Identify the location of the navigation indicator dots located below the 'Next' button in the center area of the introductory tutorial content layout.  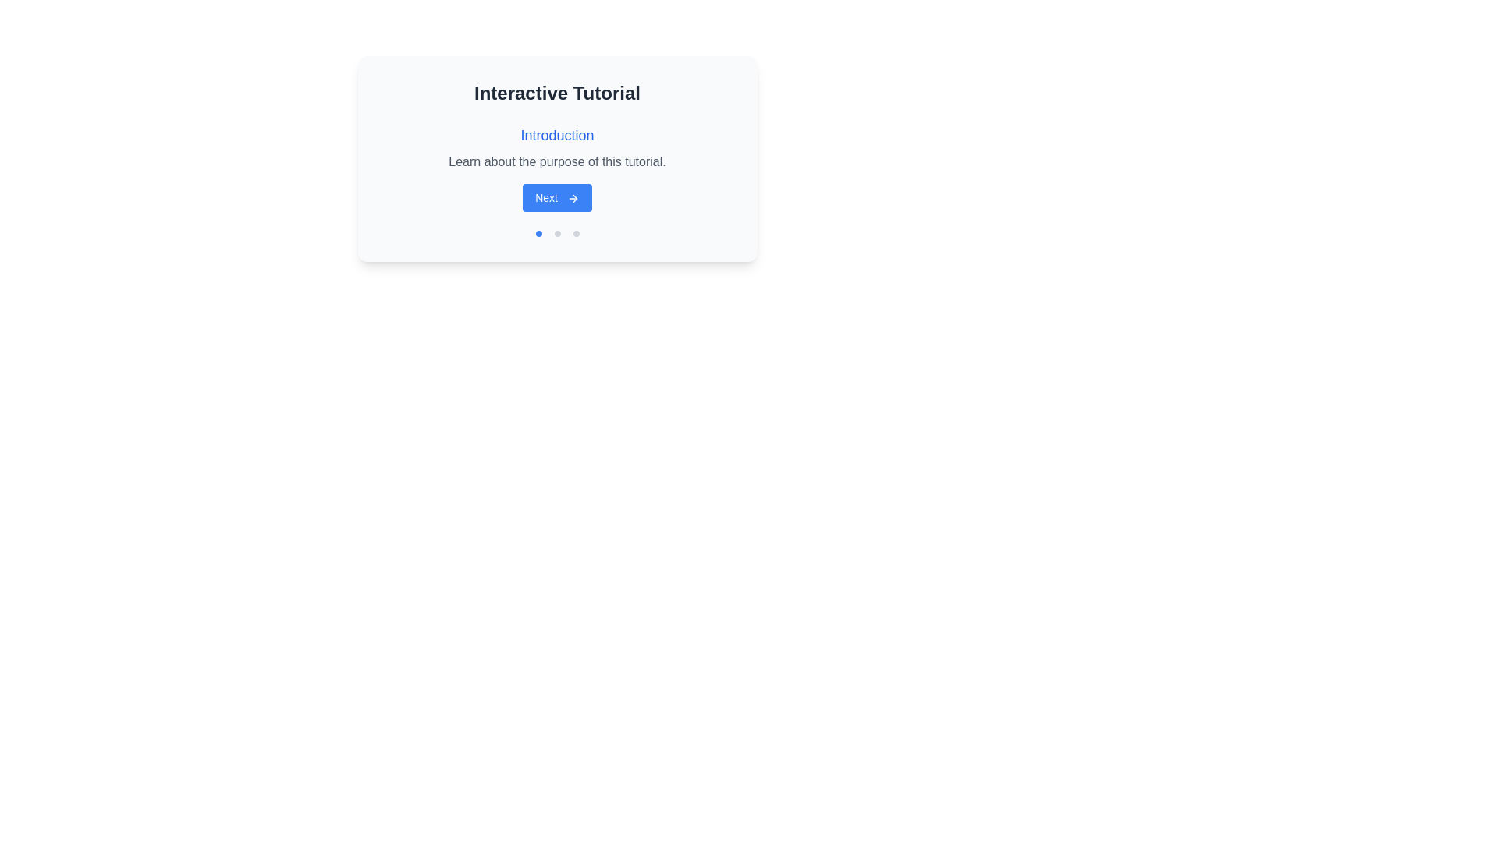
(557, 234).